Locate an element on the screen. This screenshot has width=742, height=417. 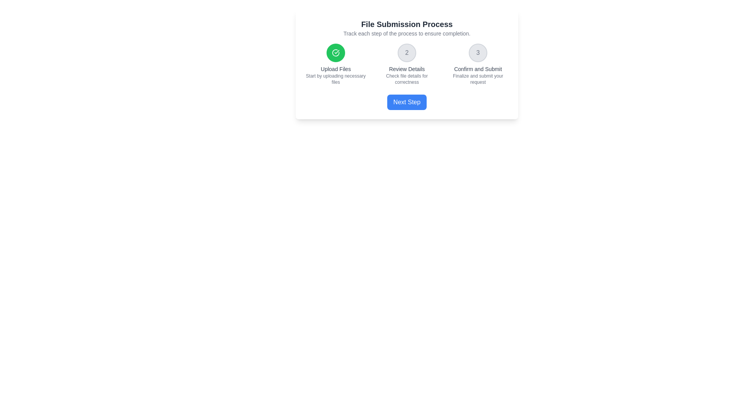
the circular button with the numeral '3' inside, located in the 'Confirm and Submit' section is located at coordinates (478, 53).